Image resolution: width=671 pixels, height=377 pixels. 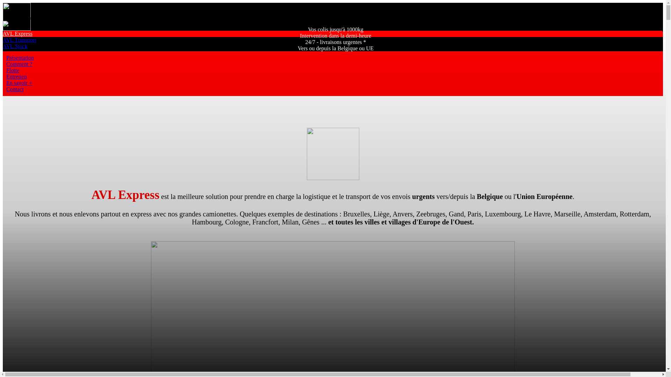 I want to click on 'Contact', so click(x=15, y=89).